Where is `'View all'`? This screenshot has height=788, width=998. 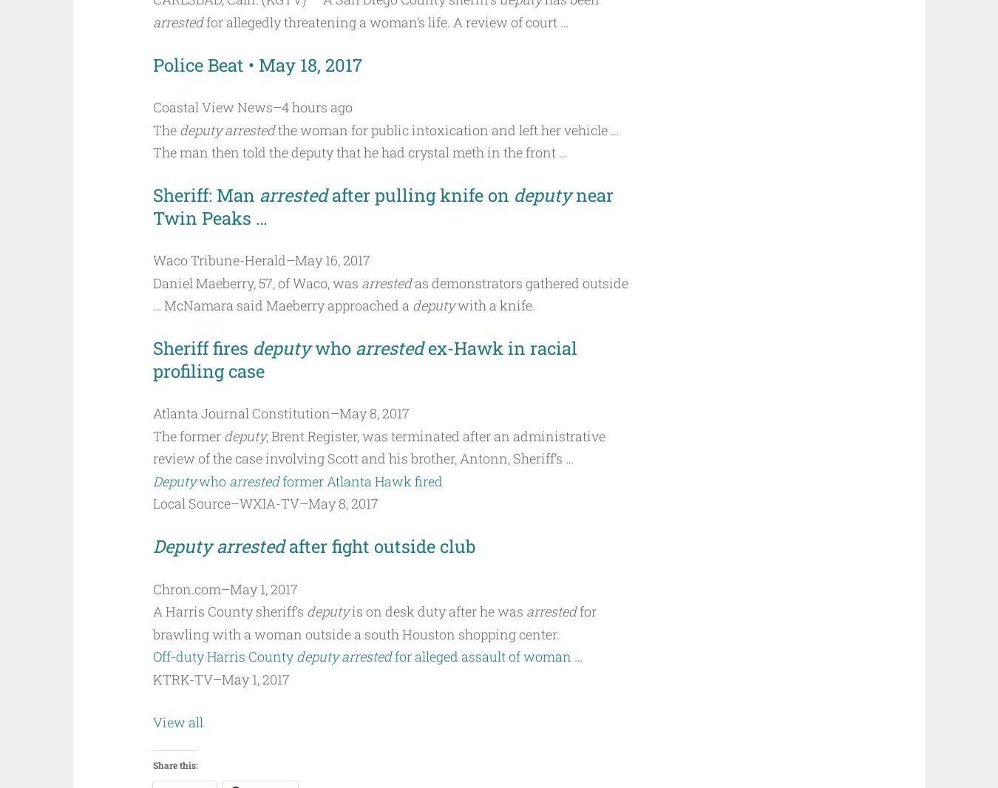 'View all' is located at coordinates (177, 721).